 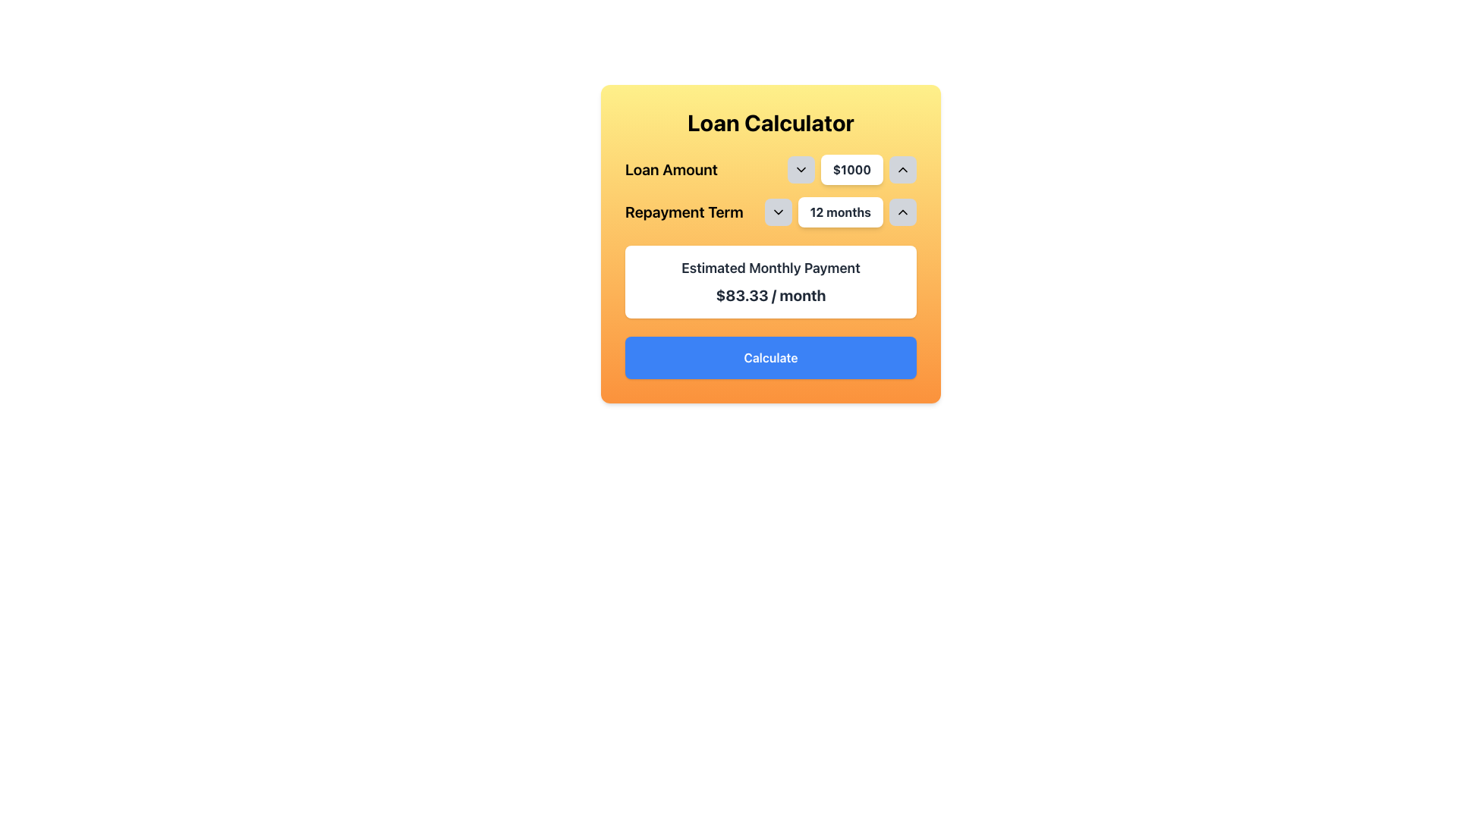 I want to click on the upward-pointing chevron icon button located adjacent to the 'Repayment Term' dropdown to increase the value, so click(x=903, y=212).